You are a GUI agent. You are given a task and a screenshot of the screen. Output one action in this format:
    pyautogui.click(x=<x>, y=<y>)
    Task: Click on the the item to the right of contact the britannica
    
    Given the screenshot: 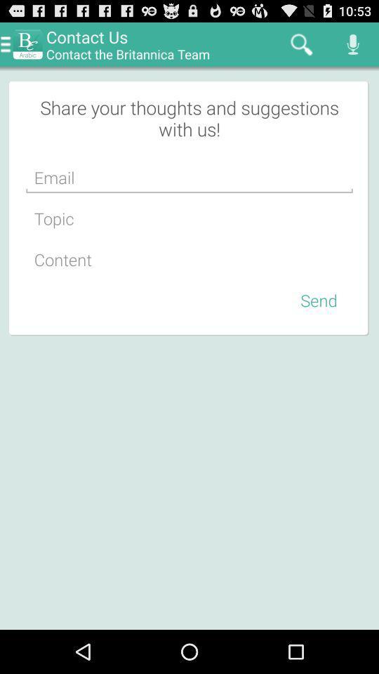 What is the action you would take?
    pyautogui.click(x=300, y=44)
    